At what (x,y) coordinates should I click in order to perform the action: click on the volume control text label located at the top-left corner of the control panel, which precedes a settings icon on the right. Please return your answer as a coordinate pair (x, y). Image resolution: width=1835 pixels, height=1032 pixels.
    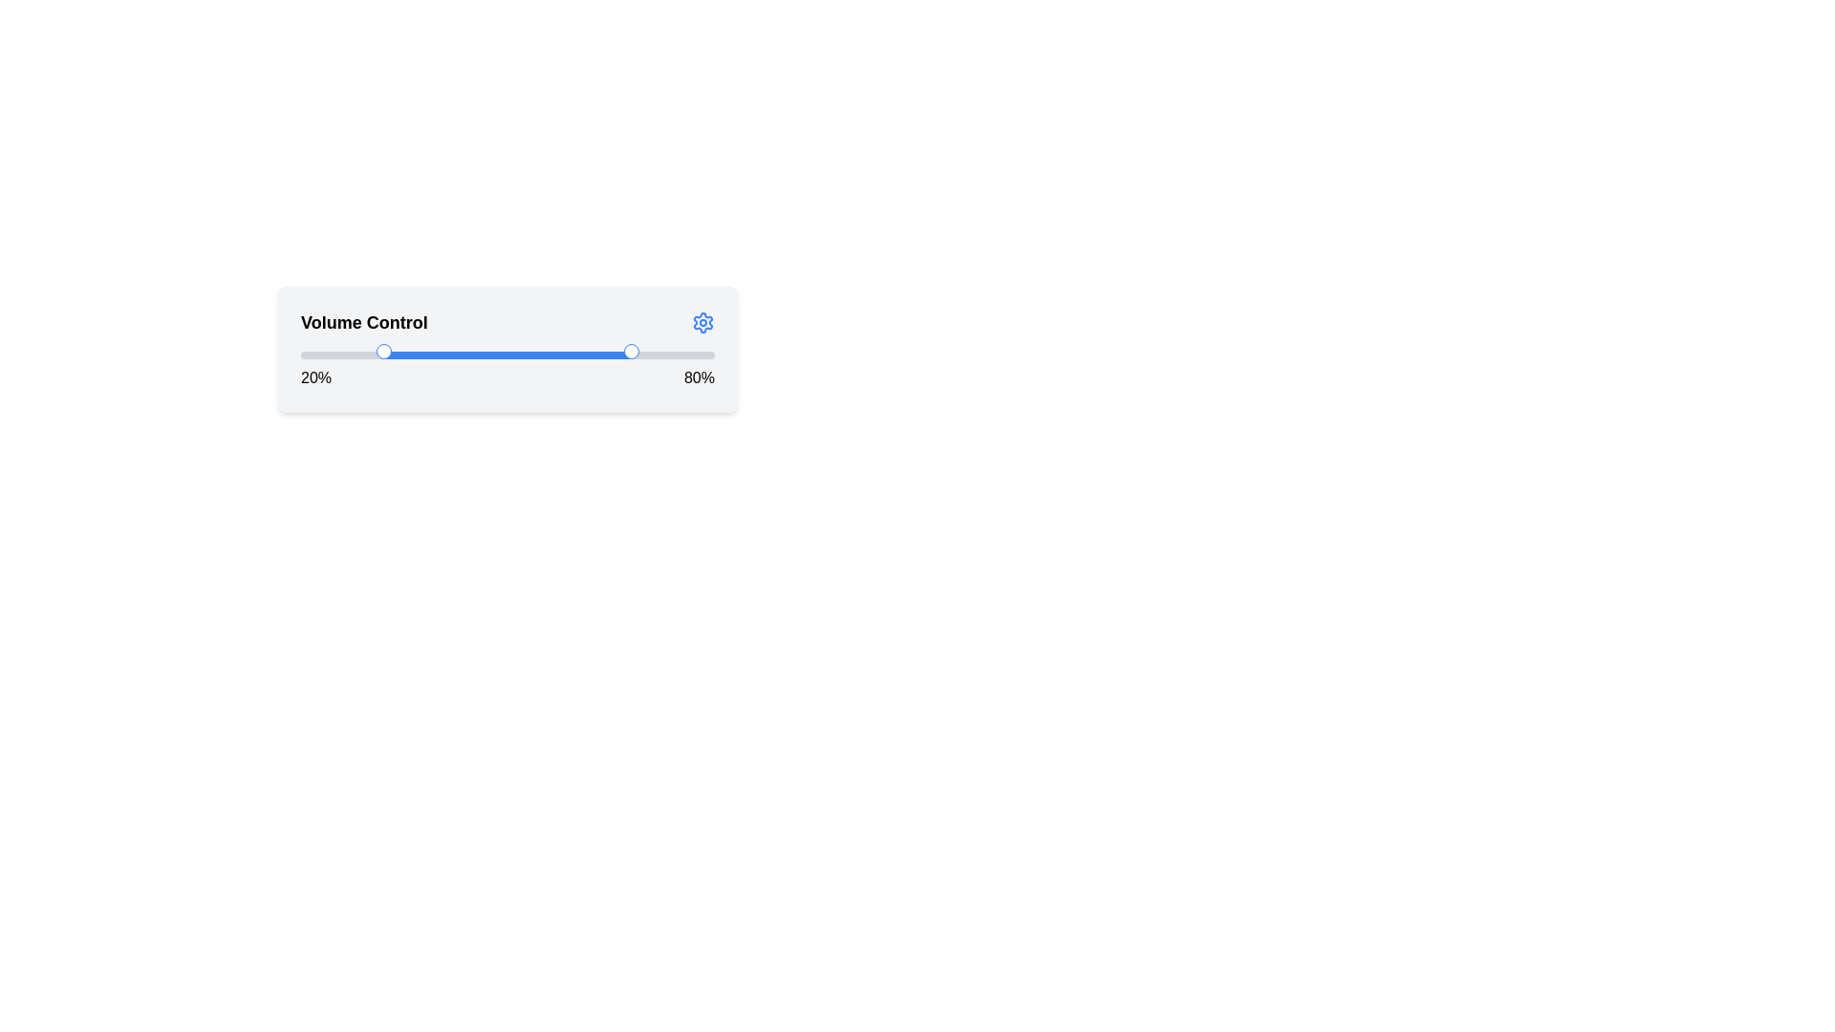
    Looking at the image, I should click on (364, 322).